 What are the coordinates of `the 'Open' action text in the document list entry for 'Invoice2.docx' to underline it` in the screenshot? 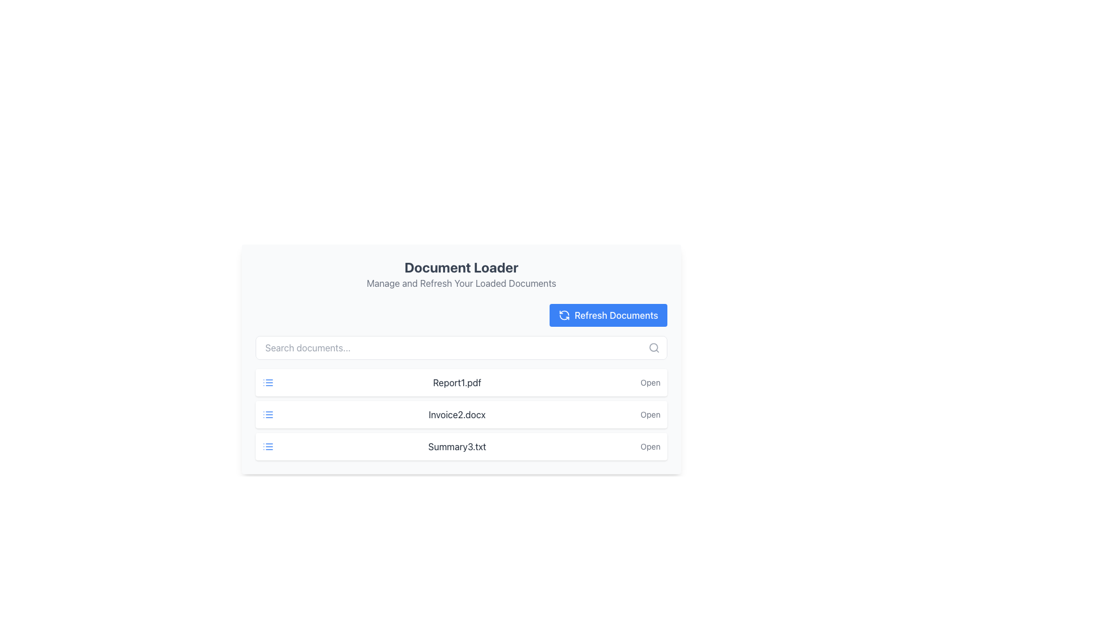 It's located at (461, 414).